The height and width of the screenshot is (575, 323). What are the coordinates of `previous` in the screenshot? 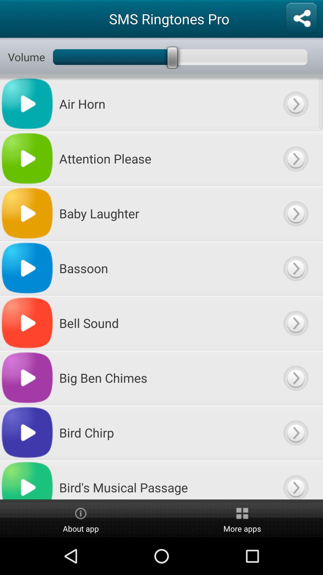 It's located at (295, 268).